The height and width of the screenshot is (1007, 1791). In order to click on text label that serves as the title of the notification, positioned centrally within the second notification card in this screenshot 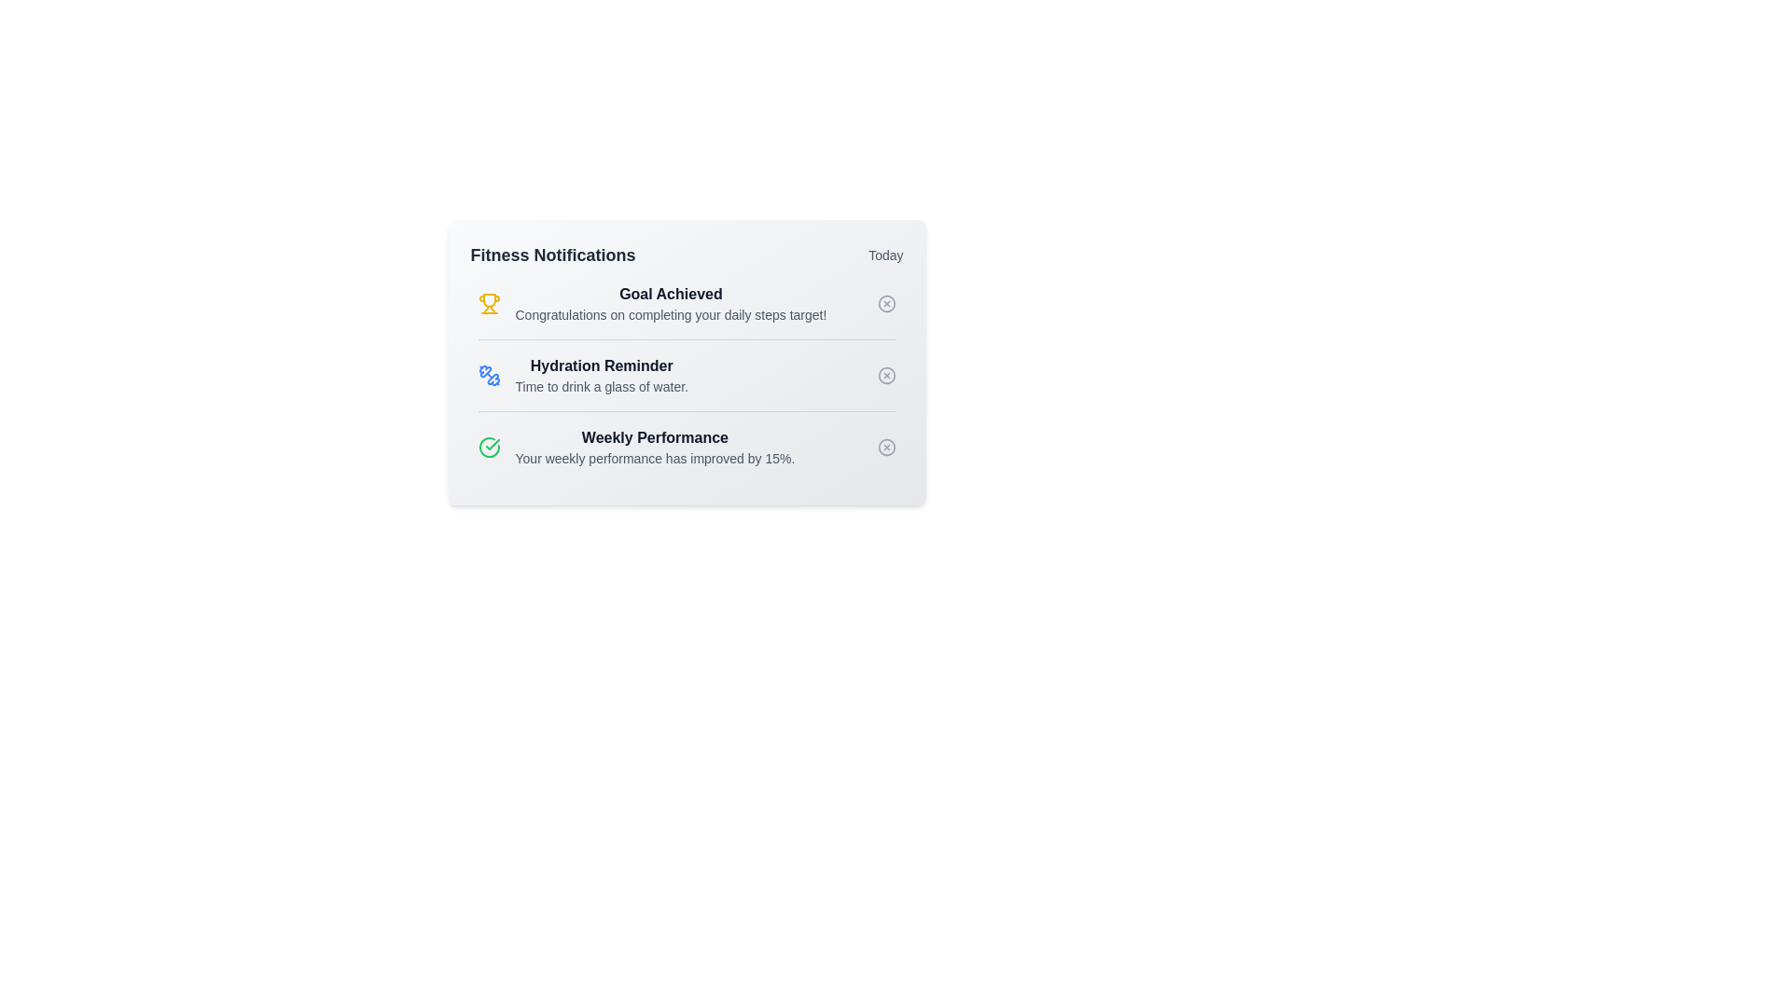, I will do `click(602, 366)`.